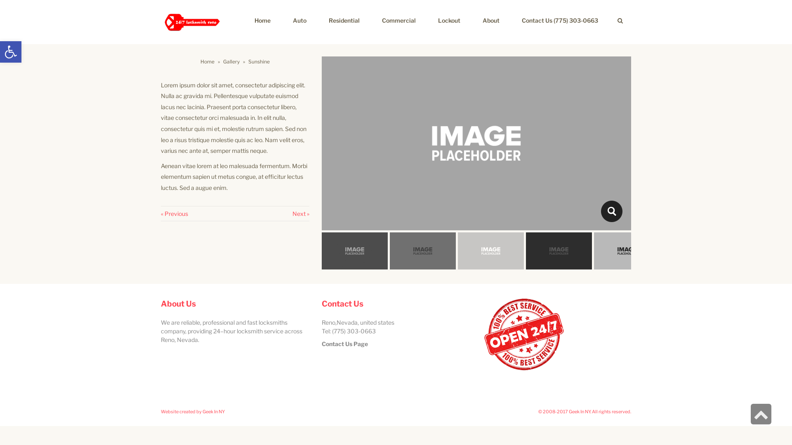 This screenshot has width=792, height=445. I want to click on 'Gallery', so click(231, 61).